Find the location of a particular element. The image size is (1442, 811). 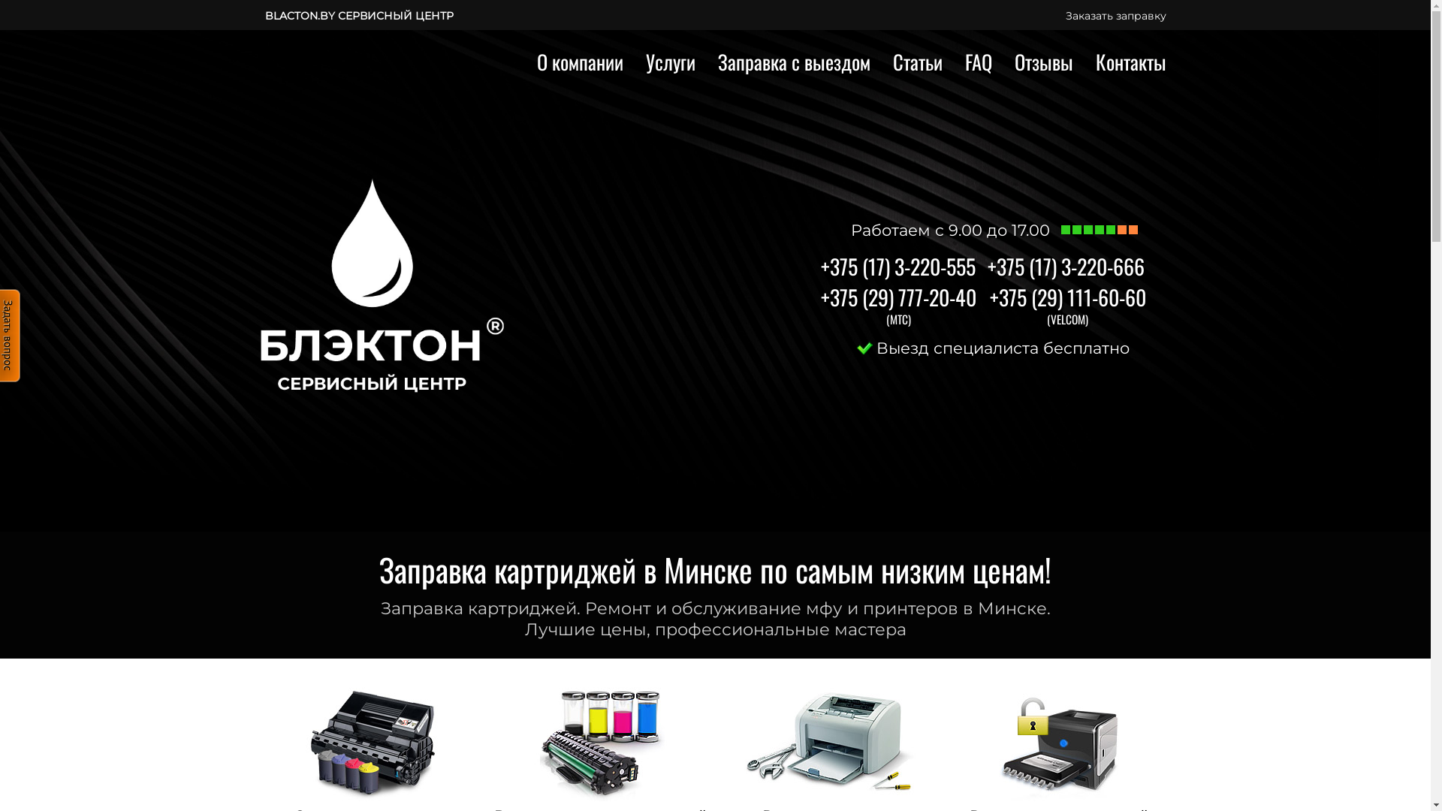

'FAQ' is located at coordinates (977, 61).